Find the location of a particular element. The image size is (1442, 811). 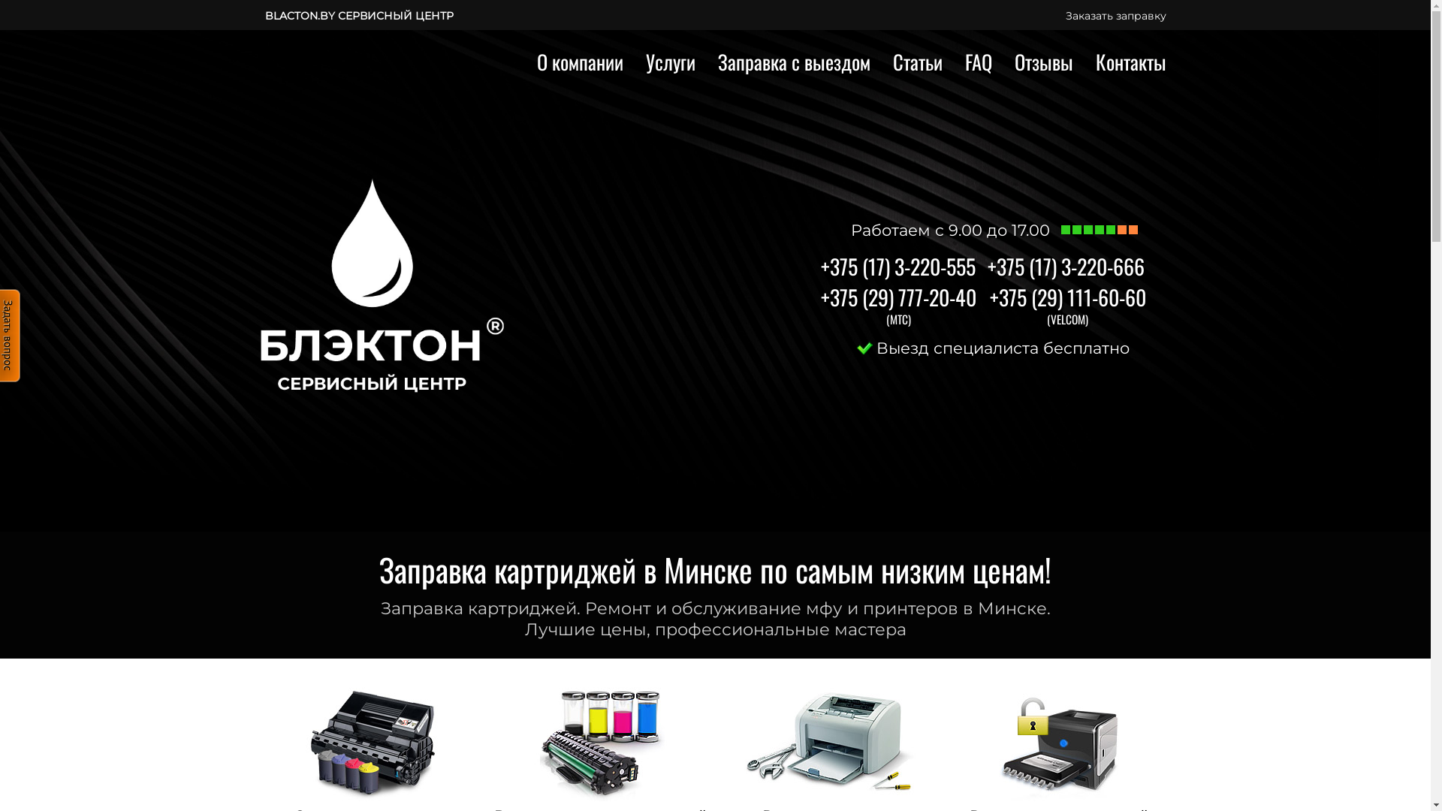

'FAQ' is located at coordinates (977, 61).